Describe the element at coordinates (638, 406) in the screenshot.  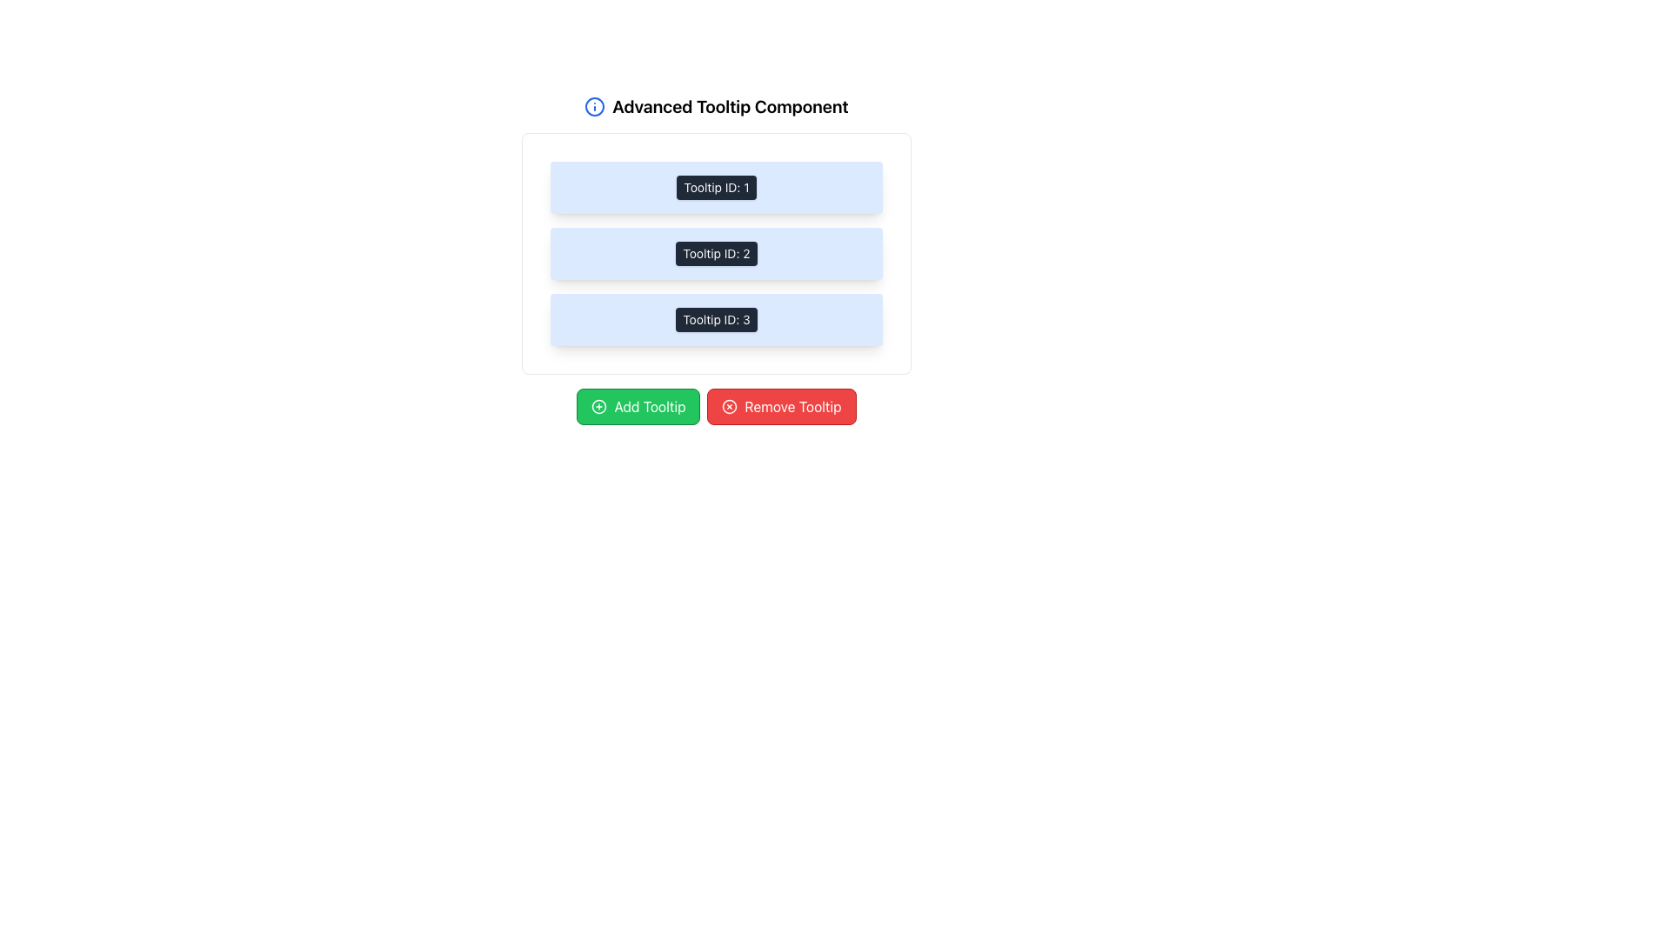
I see `the green 'Add Tooltip' button with white text and a plus icon, located near the bottom of the main interface` at that location.